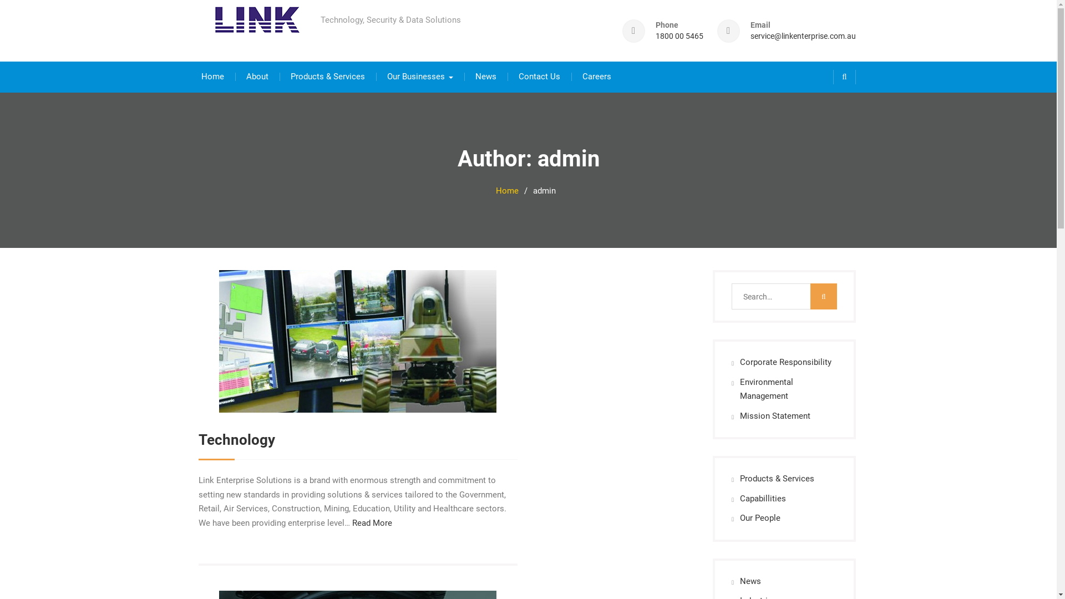 Image resolution: width=1065 pixels, height=599 pixels. Describe the element at coordinates (750, 581) in the screenshot. I see `'News'` at that location.